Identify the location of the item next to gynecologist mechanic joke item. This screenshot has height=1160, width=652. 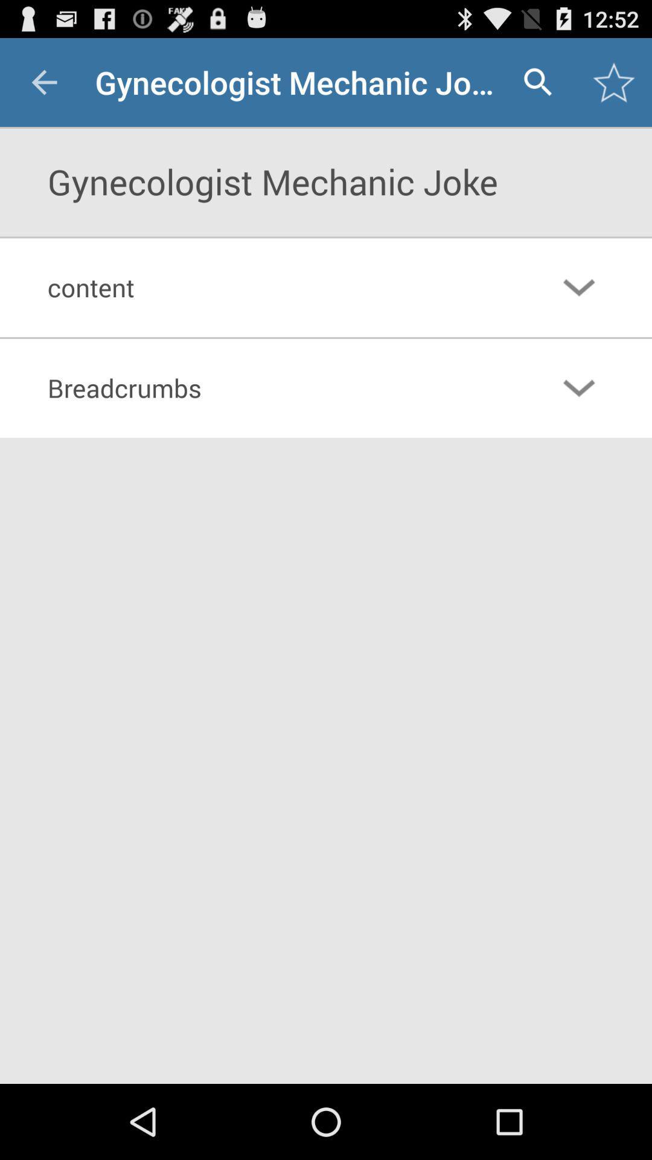
(43, 82).